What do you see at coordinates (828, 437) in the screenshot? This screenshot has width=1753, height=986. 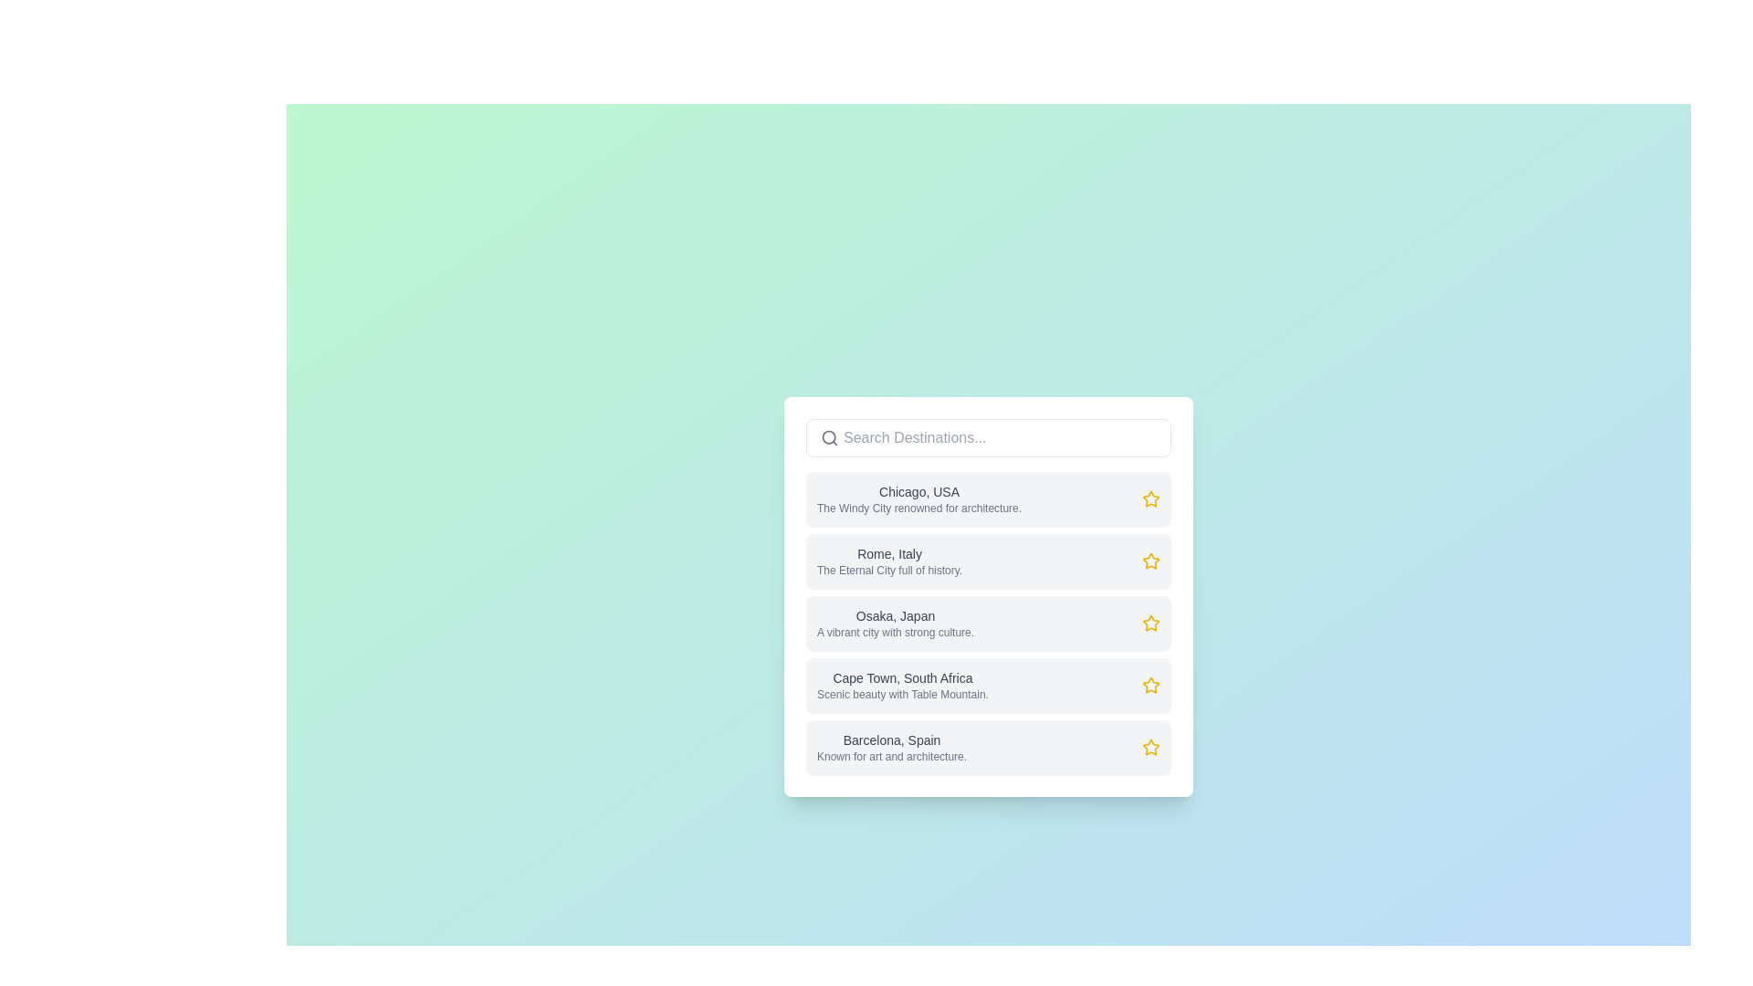 I see `the search icon located inside the input field titled 'Search Destinations...'` at bounding box center [828, 437].